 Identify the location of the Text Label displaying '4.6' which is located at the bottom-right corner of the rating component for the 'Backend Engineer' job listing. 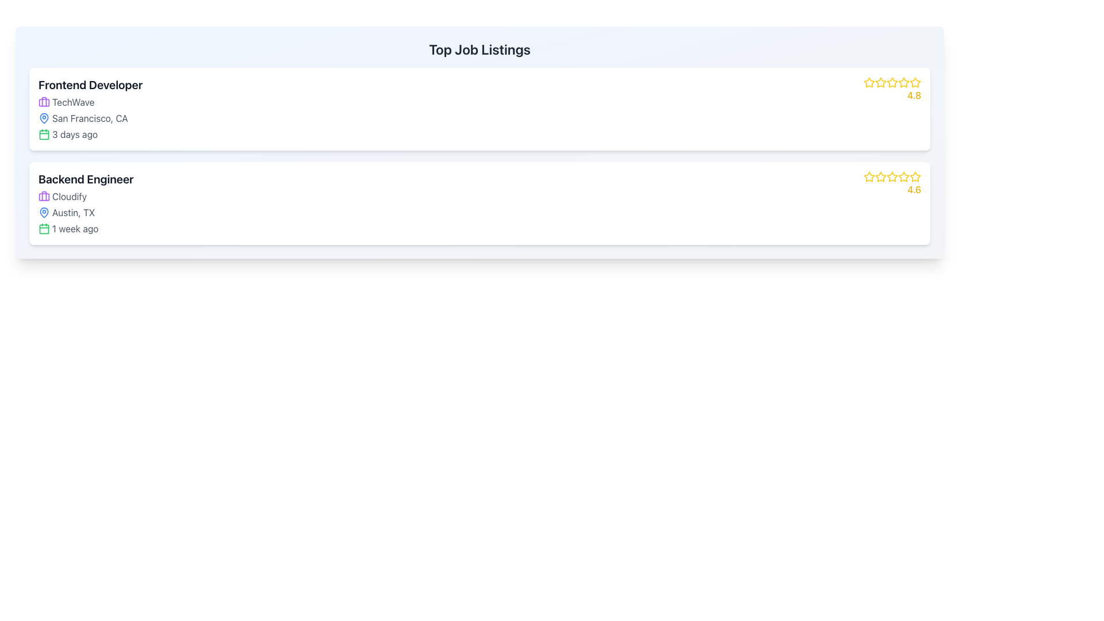
(913, 189).